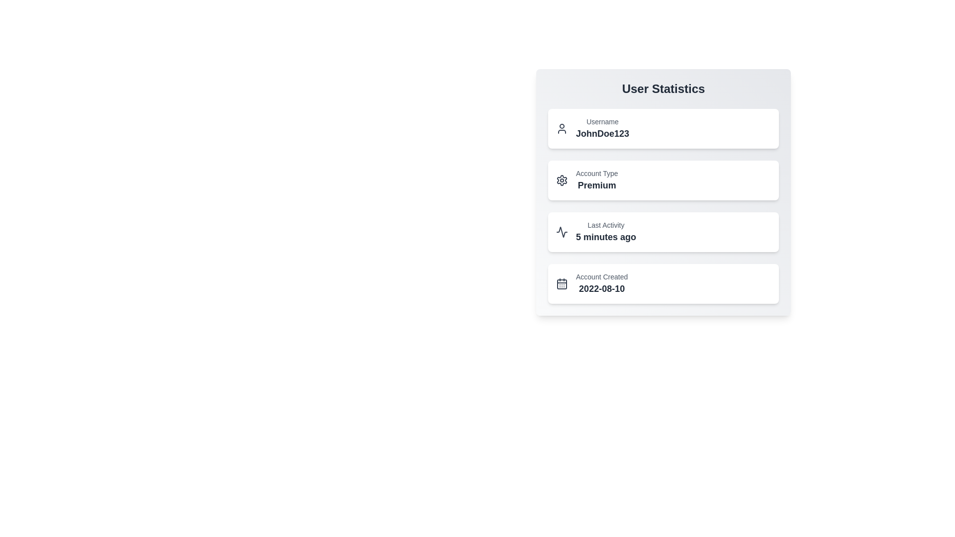 This screenshot has width=955, height=537. Describe the element at coordinates (605, 237) in the screenshot. I see `the timestamp text label indicating the last time of activity related to the user, located under the 'Last Activity' label in the User Statistics section` at that location.